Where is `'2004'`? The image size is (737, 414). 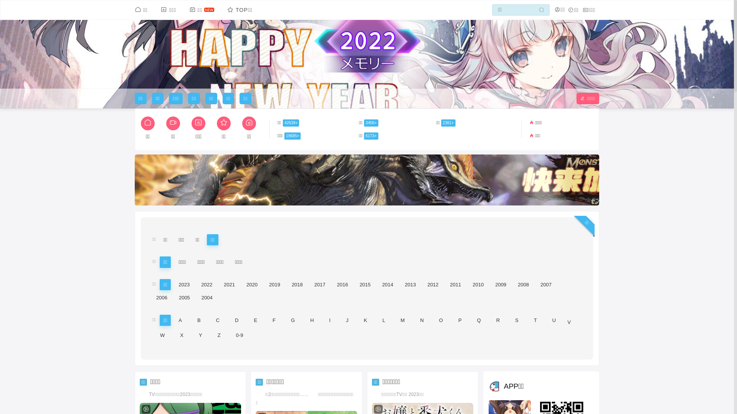
'2004' is located at coordinates (197, 297).